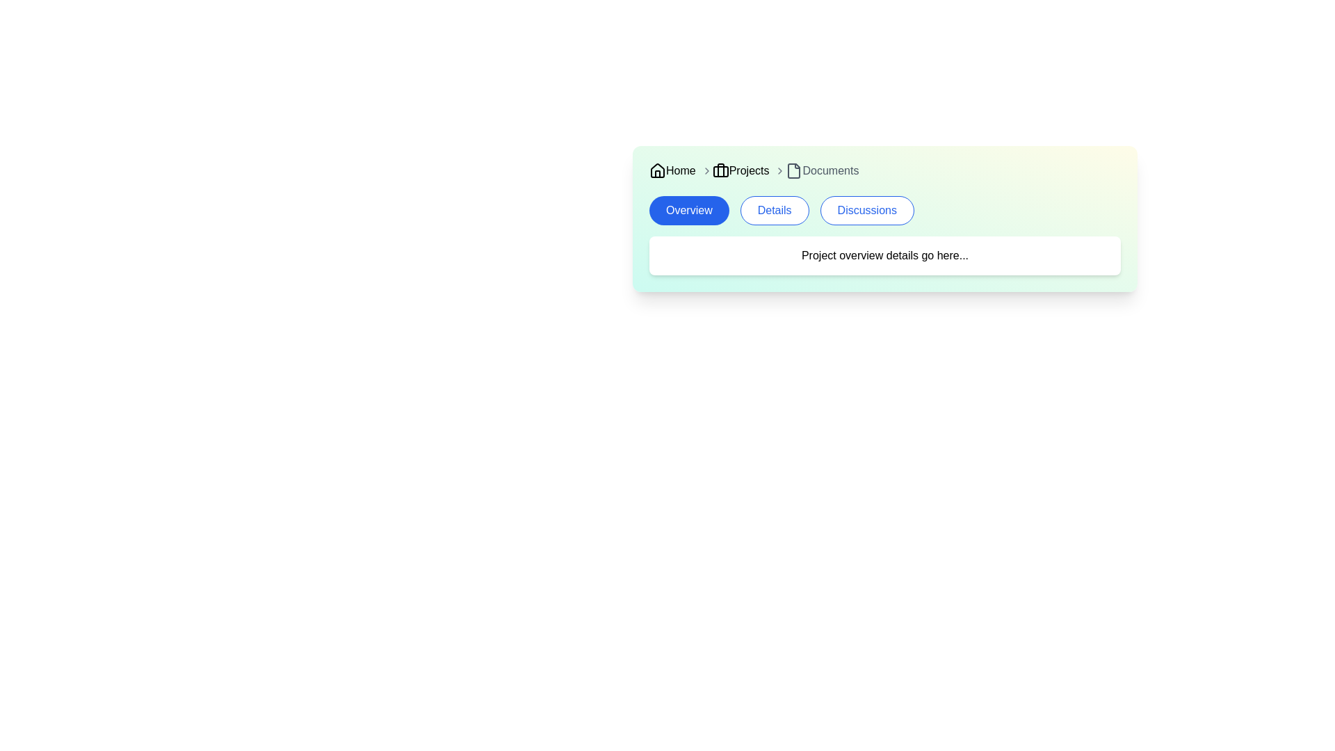 The image size is (1335, 751). Describe the element at coordinates (720, 170) in the screenshot. I see `the 'Projects' section icon, which is part of the breadcrumb navigation represented by a stylized briefcase icon` at that location.